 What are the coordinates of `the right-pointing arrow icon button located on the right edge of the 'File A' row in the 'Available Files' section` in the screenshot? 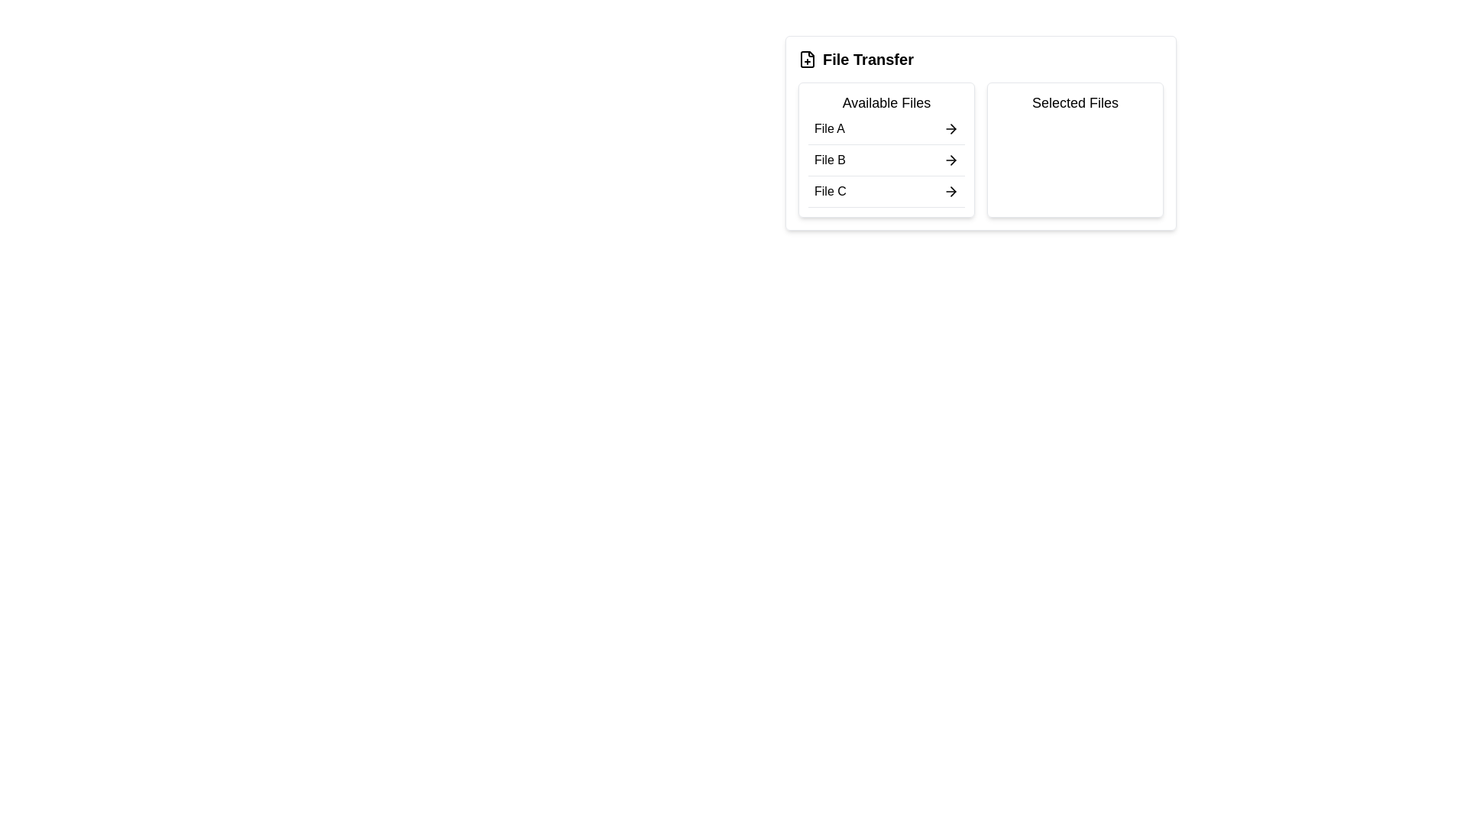 It's located at (950, 128).